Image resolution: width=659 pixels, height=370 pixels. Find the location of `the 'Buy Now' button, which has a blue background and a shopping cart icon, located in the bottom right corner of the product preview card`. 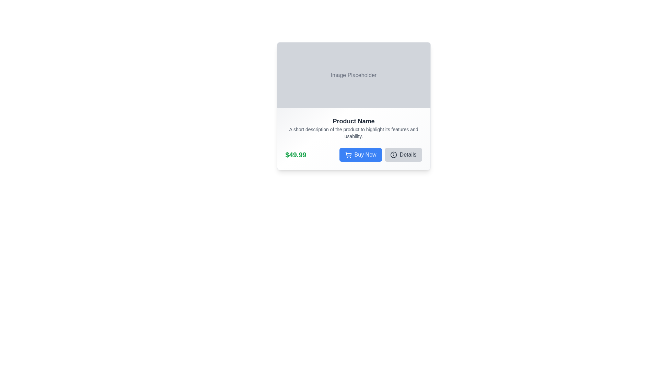

the 'Buy Now' button, which has a blue background and a shopping cart icon, located in the bottom right corner of the product preview card is located at coordinates (380, 155).